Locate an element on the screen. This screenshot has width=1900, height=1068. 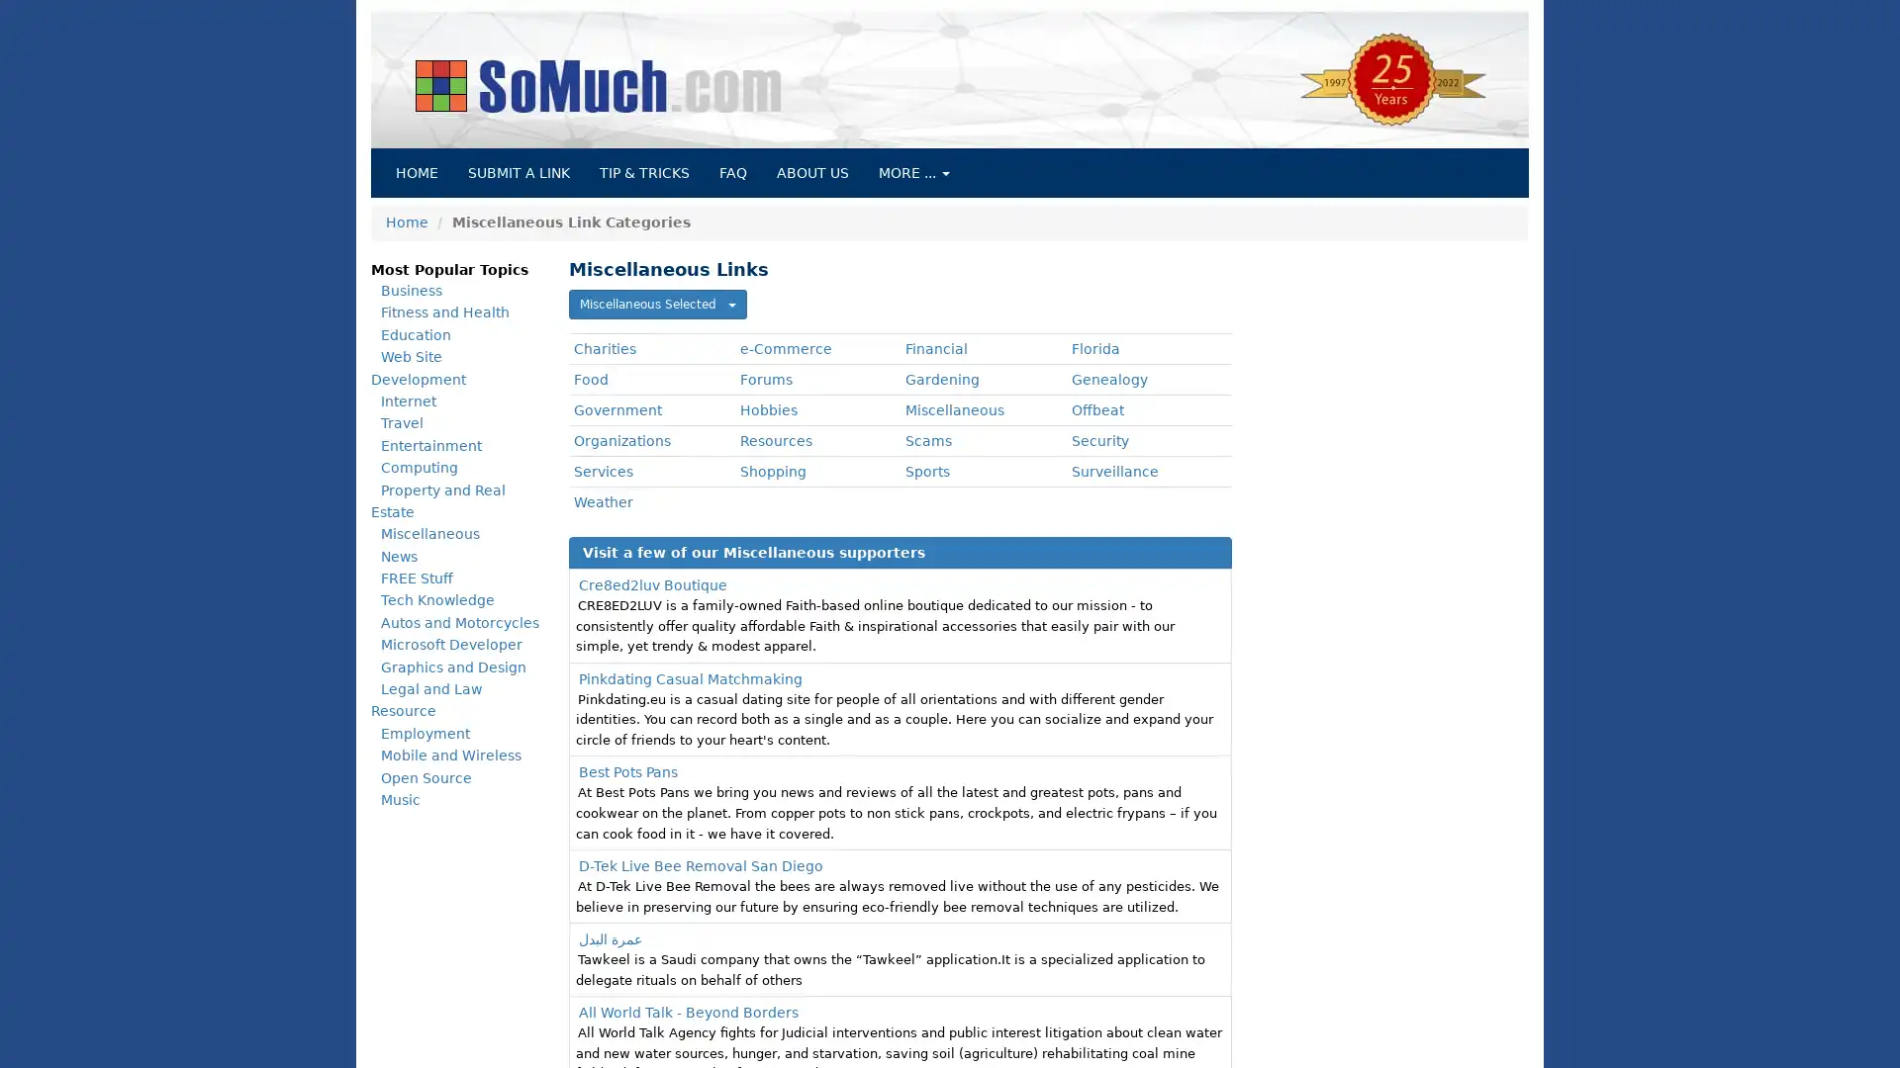
Miscellaneous Selected is located at coordinates (658, 305).